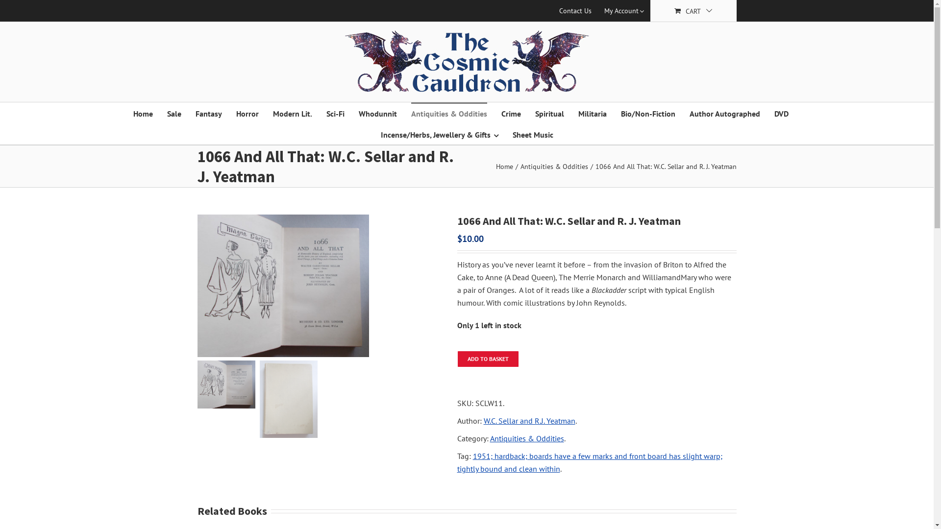 Image resolution: width=941 pixels, height=529 pixels. I want to click on 'Sale', so click(173, 112).